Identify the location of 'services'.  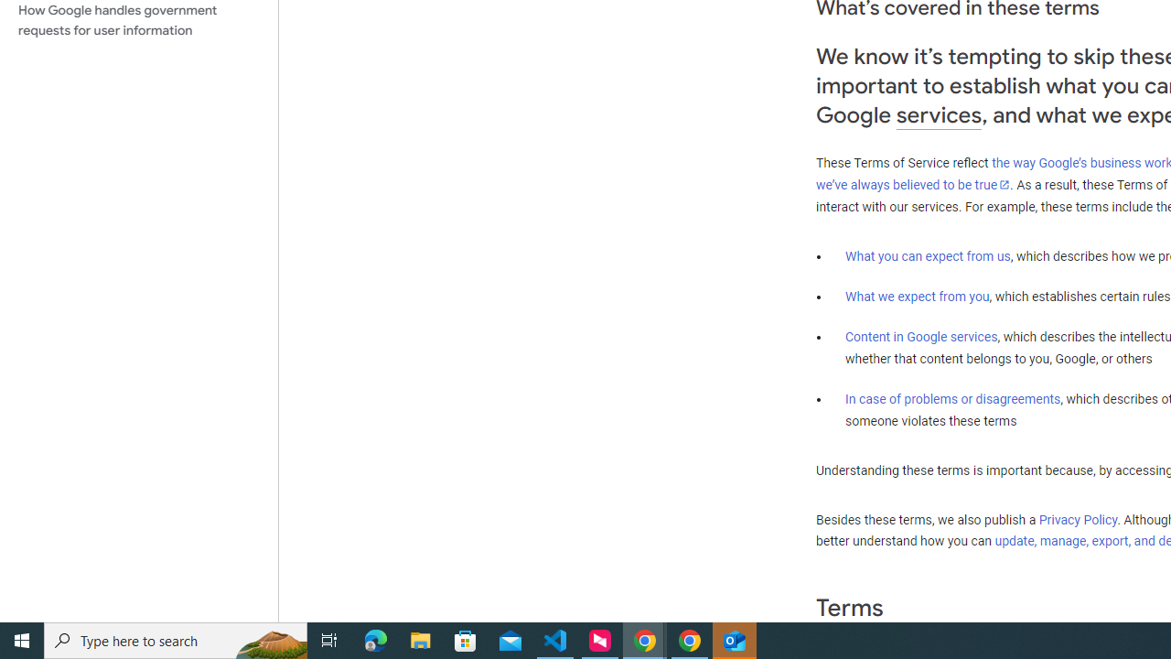
(939, 114).